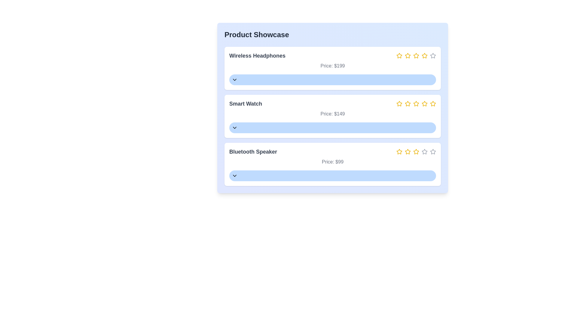 This screenshot has height=324, width=577. What do you see at coordinates (328, 161) in the screenshot?
I see `text label 'Price:' located on the third product card for the 'Bluetooth Speaker', which is displayed in a medium-sized, dark font` at bounding box center [328, 161].